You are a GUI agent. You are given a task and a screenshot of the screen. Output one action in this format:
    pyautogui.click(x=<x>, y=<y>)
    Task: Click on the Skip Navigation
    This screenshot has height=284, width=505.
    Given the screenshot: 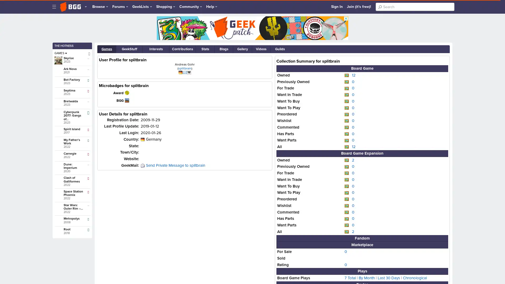 What is the action you would take?
    pyautogui.click(x=55, y=3)
    